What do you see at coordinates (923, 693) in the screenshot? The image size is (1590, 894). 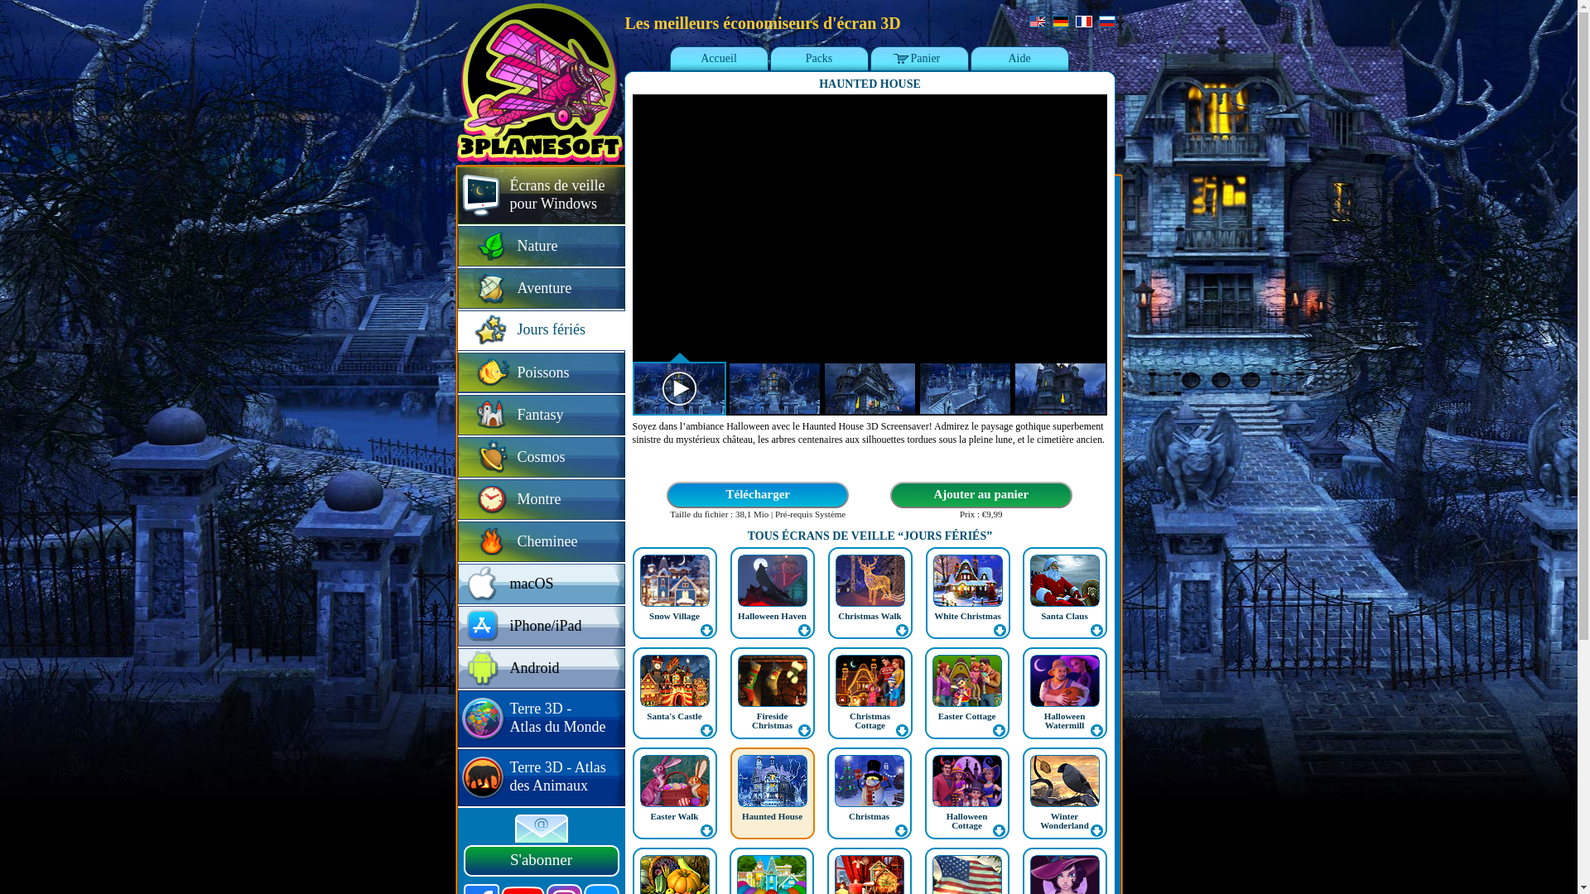 I see `'Easter Cottage'` at bounding box center [923, 693].